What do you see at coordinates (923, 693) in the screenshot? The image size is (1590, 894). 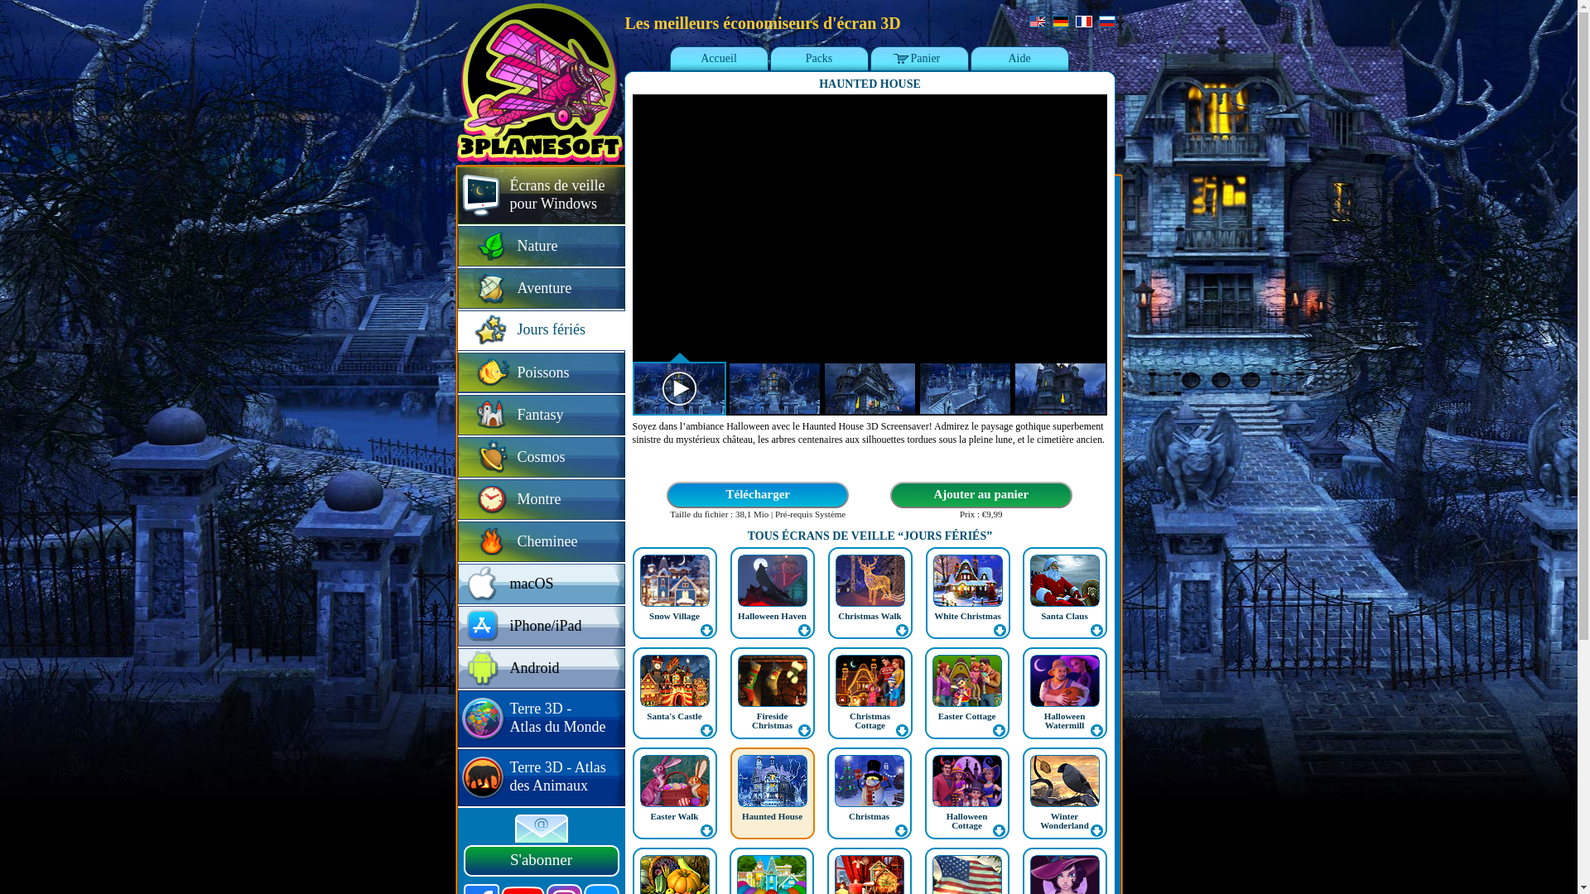 I see `'Easter Cottage'` at bounding box center [923, 693].